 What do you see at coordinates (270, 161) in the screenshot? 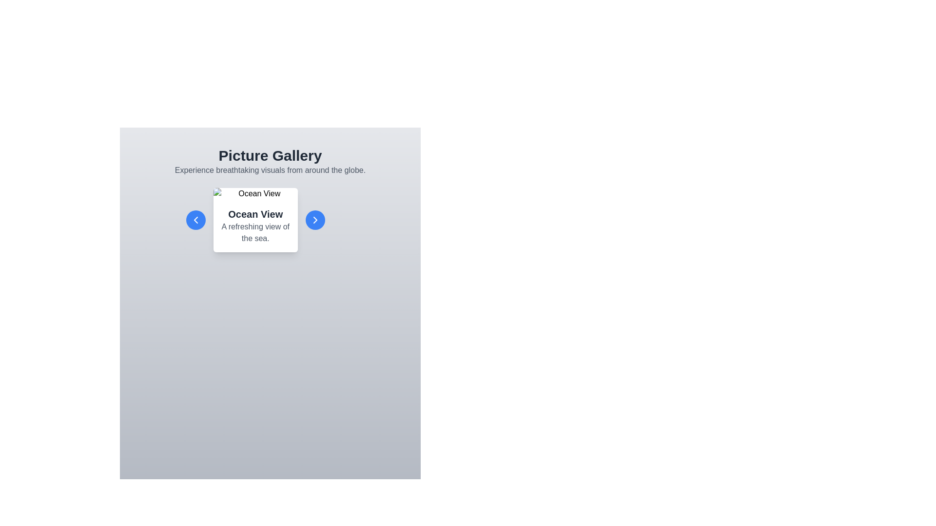
I see `the header section that displays the title 'Picture Gallery' and the subtitle 'Experience breathtaking visuals from around the globe.'` at bounding box center [270, 161].